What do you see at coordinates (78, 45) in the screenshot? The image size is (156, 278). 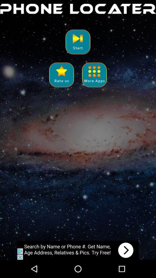 I see `the skip_next icon` at bounding box center [78, 45].